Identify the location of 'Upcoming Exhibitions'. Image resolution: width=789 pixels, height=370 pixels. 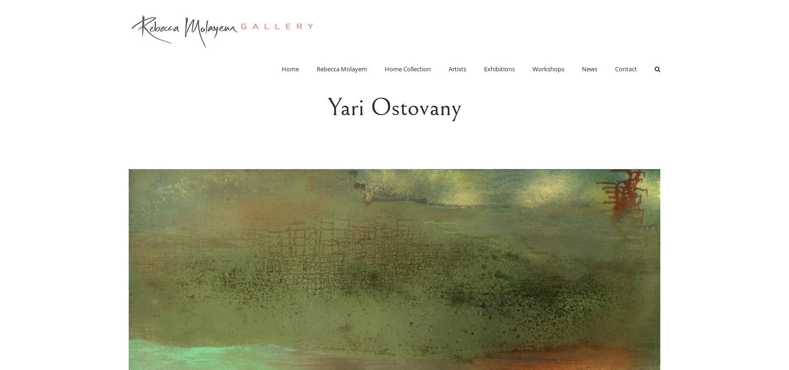
(523, 85).